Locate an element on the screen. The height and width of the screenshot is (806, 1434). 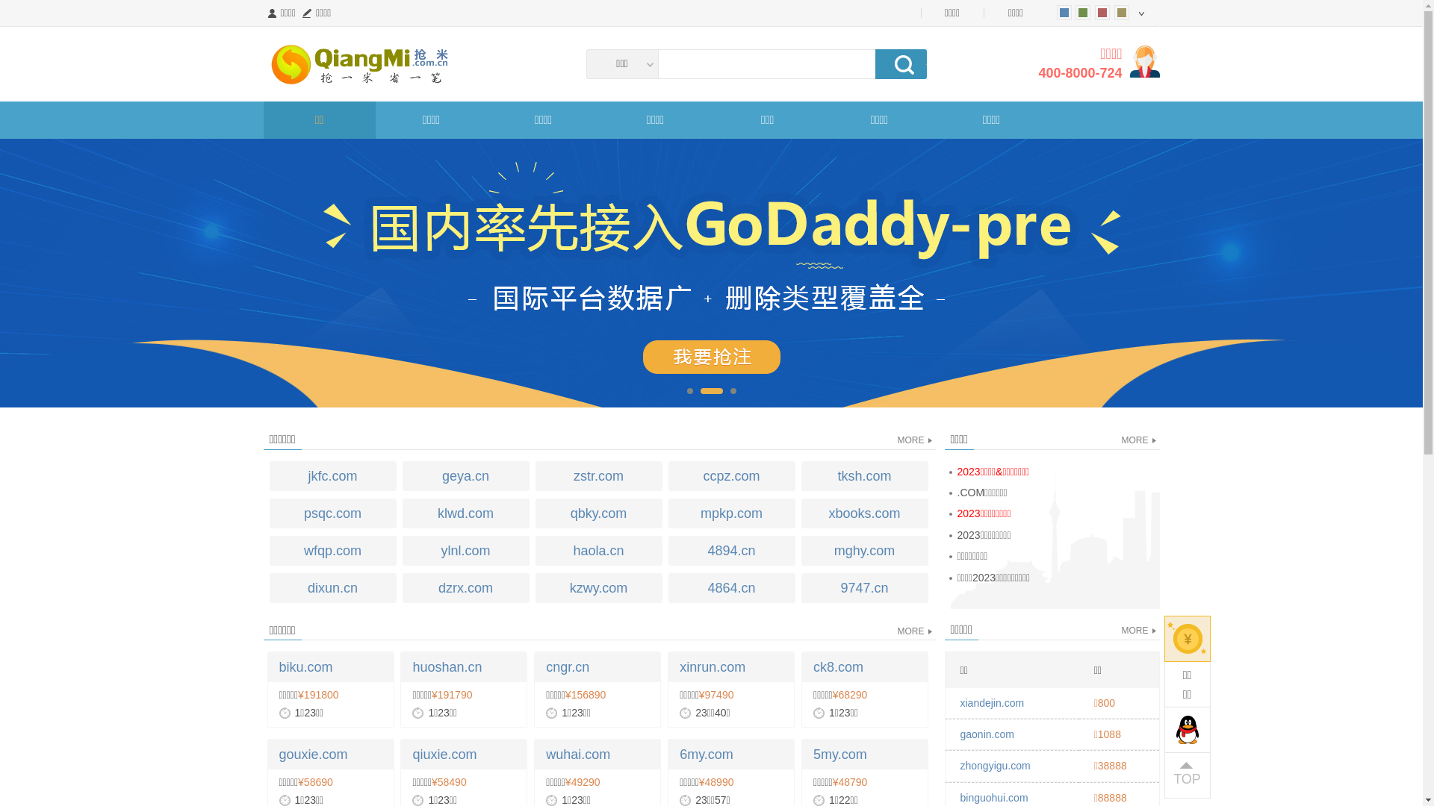
'zstr.com' is located at coordinates (598, 475).